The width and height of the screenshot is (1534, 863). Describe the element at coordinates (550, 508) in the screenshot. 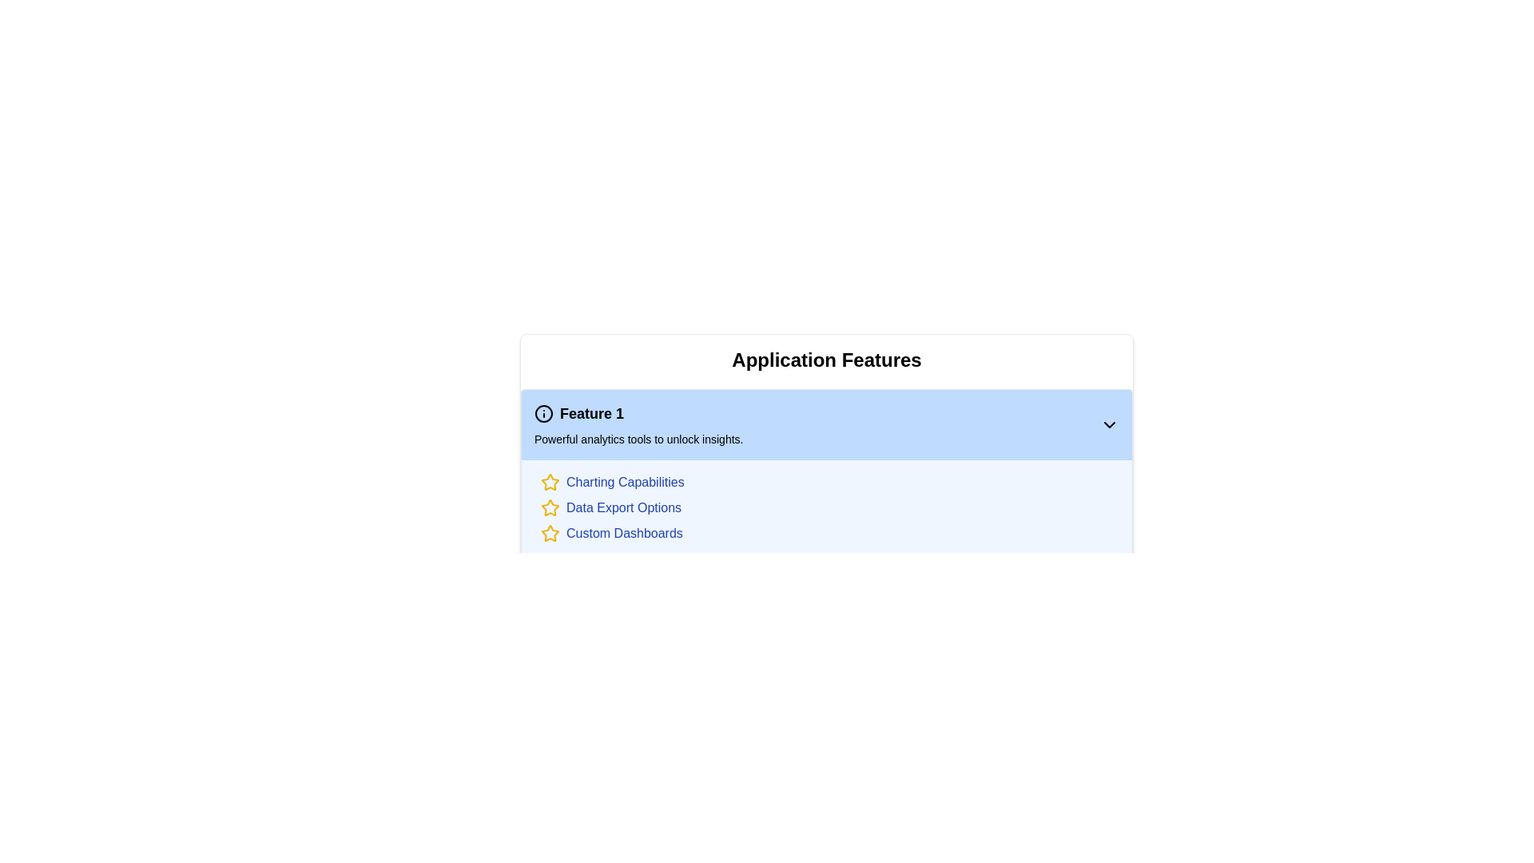

I see `the star icon located to the left of the 'Data Export Options' text to interact with the feature it represents` at that location.